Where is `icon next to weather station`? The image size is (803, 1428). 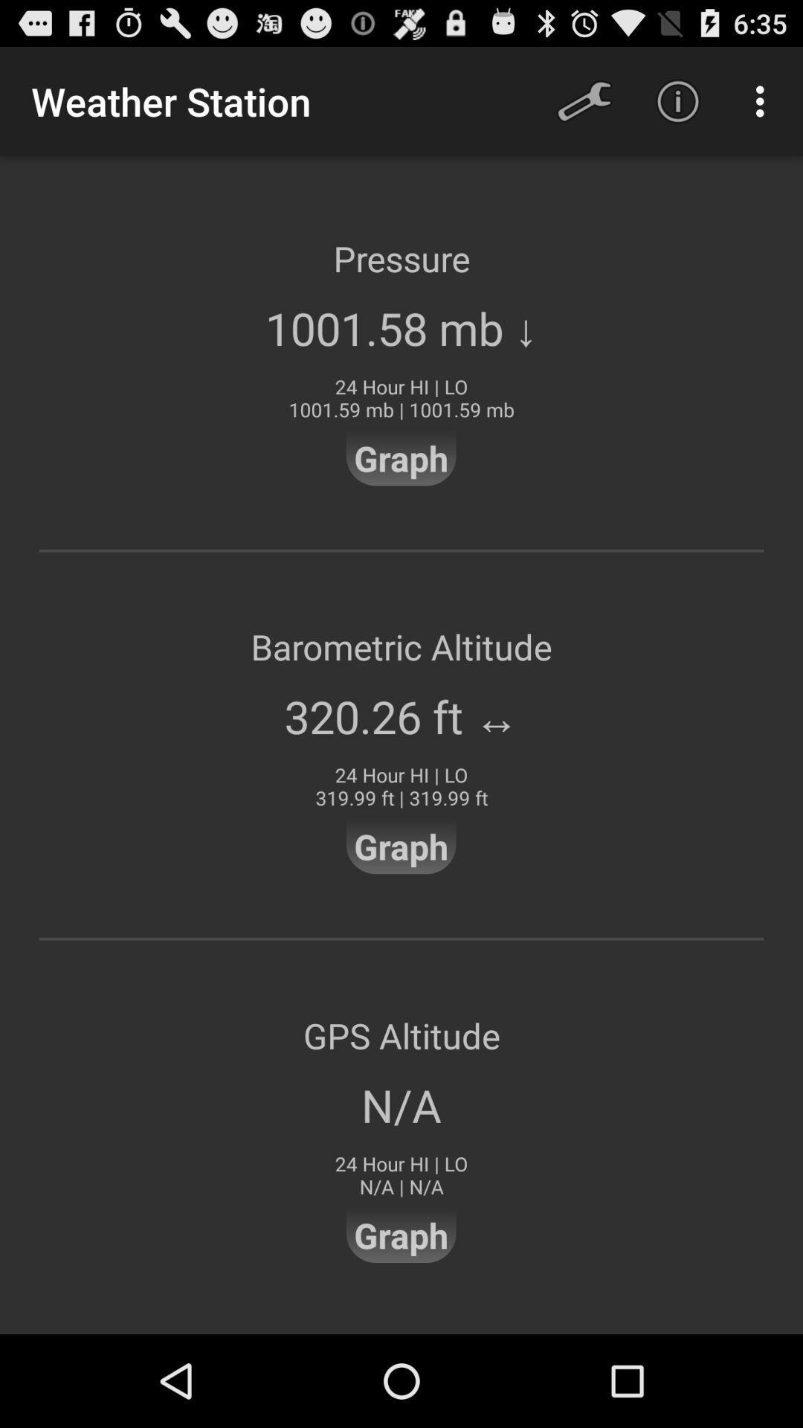 icon next to weather station is located at coordinates (584, 100).